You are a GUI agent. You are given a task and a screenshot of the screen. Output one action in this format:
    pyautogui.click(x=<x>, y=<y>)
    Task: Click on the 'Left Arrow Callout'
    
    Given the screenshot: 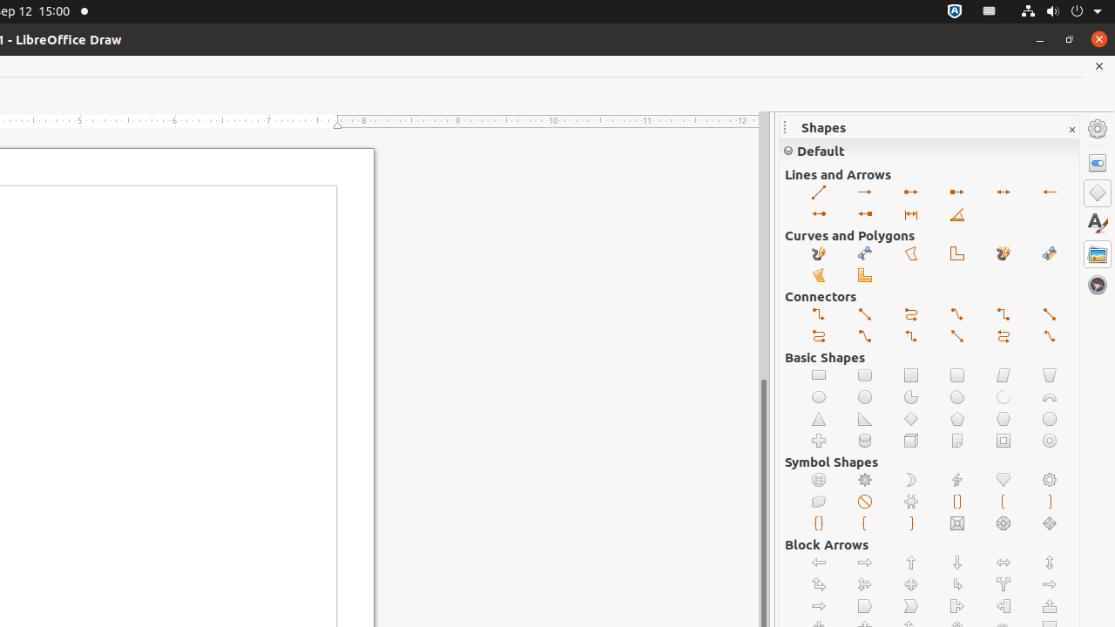 What is the action you would take?
    pyautogui.click(x=1003, y=605)
    